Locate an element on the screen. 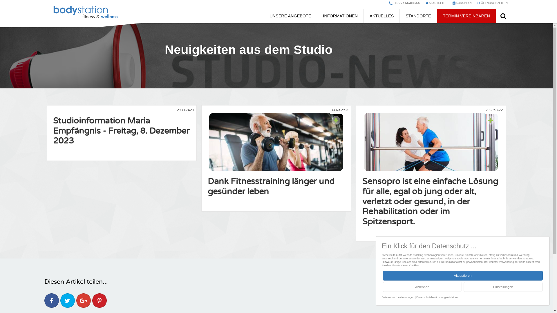 The width and height of the screenshot is (557, 313). 'Share via Pinterest' is located at coordinates (99, 300).